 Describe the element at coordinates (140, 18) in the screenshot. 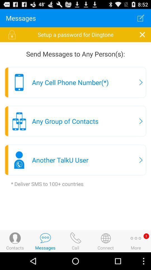

I see `item to the right of messages item` at that location.